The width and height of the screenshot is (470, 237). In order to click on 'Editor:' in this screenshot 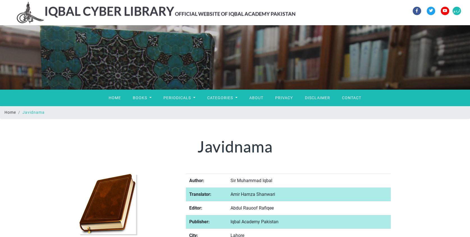, I will do `click(196, 207)`.